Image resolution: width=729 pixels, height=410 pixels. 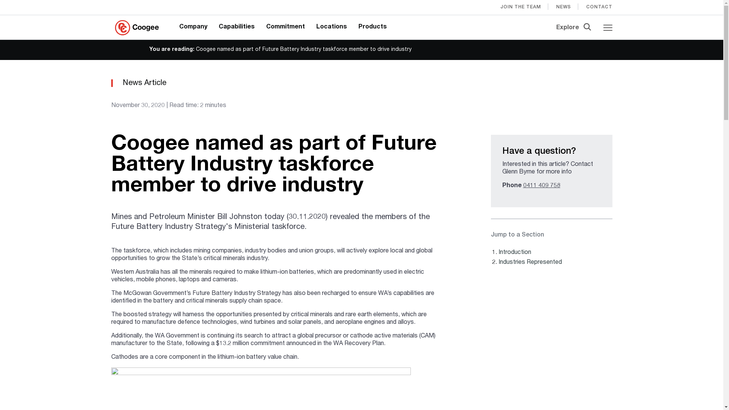 What do you see at coordinates (178, 27) in the screenshot?
I see `'Company'` at bounding box center [178, 27].